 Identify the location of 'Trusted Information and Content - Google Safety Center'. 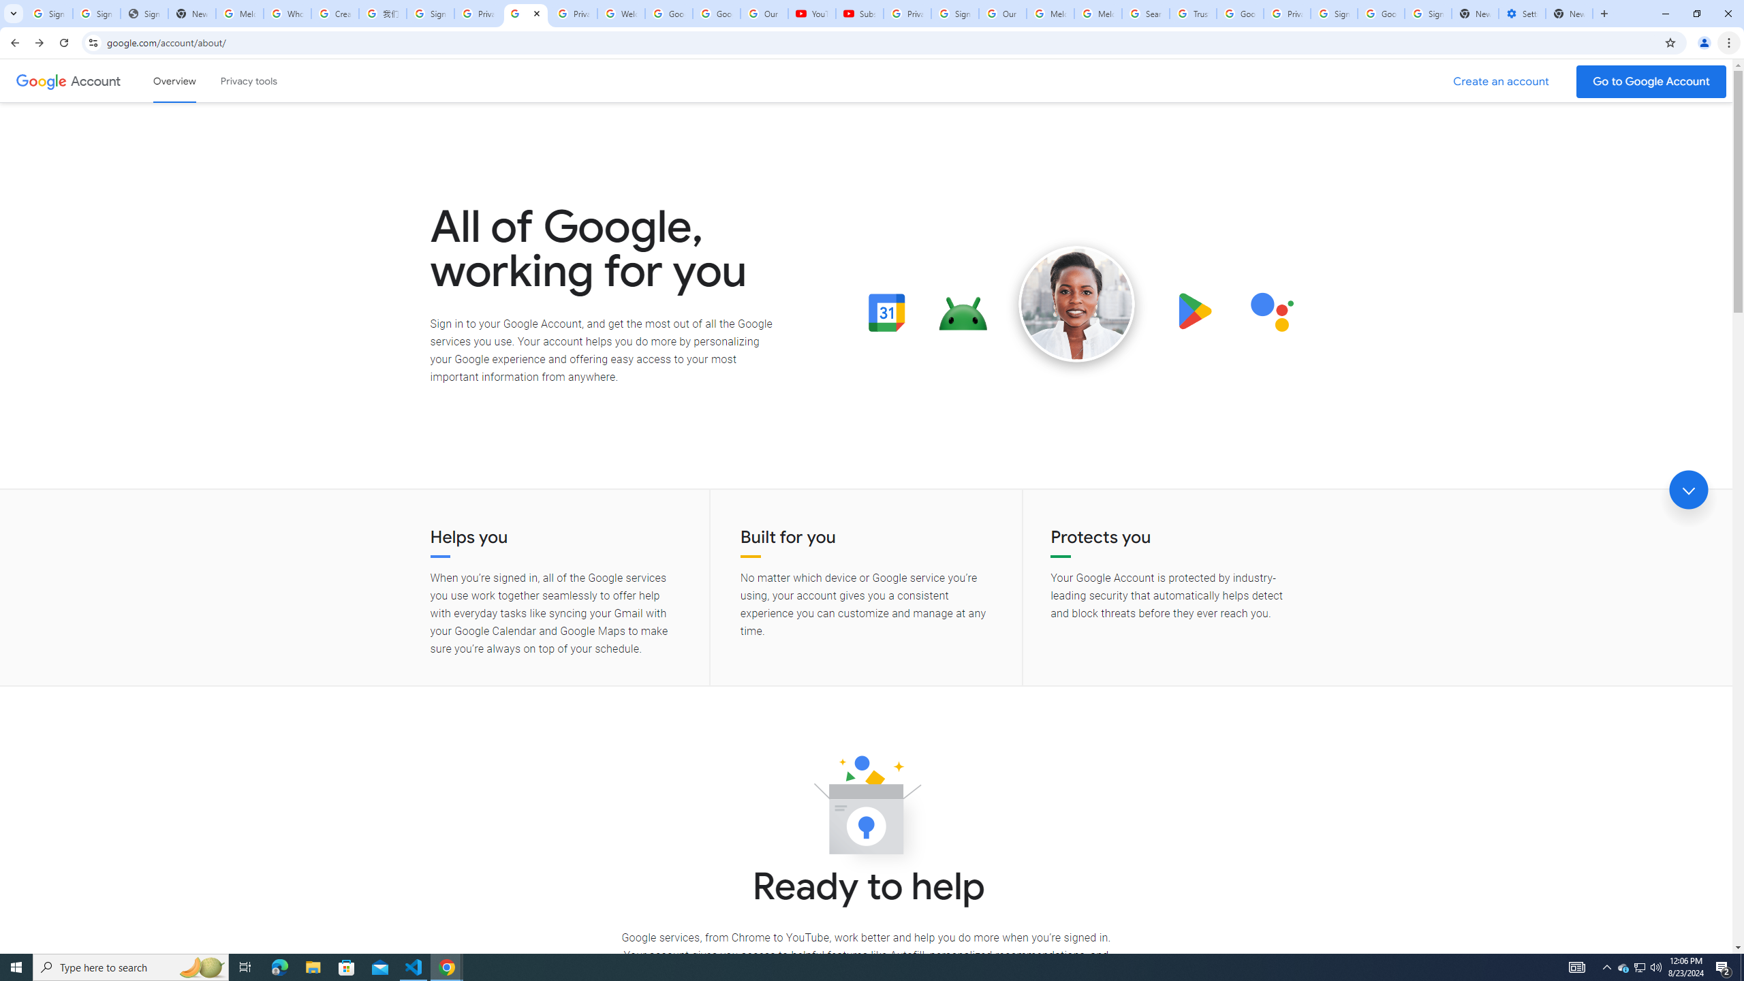
(1192, 13).